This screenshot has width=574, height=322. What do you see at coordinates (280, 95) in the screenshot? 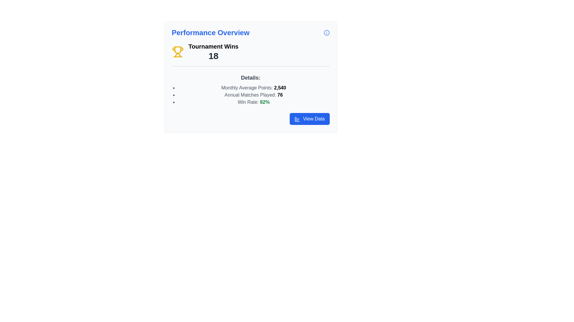
I see `the text displaying the number of matches played annually, located in the 'Details' section of the 'Performance Overview' card, next to the label 'Annual Matches Played:'` at bounding box center [280, 95].